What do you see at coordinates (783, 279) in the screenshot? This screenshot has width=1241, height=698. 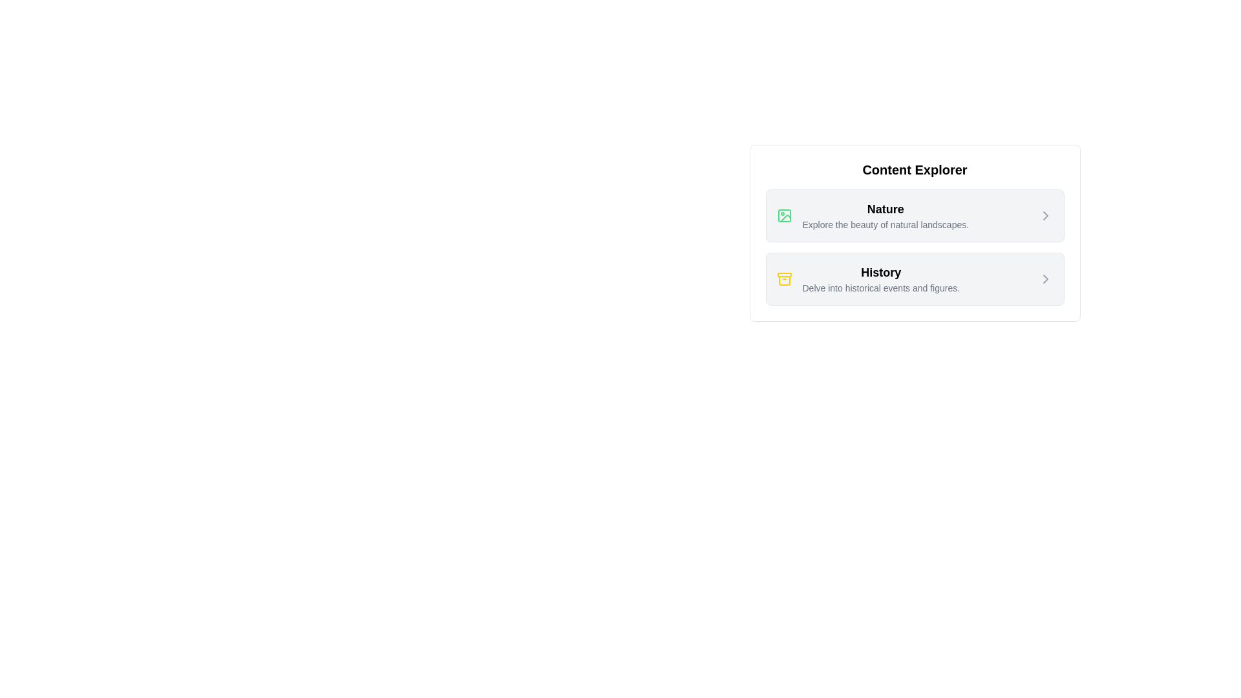 I see `the 'History' category icon located to the left of the 'History' title and description in the content list` at bounding box center [783, 279].